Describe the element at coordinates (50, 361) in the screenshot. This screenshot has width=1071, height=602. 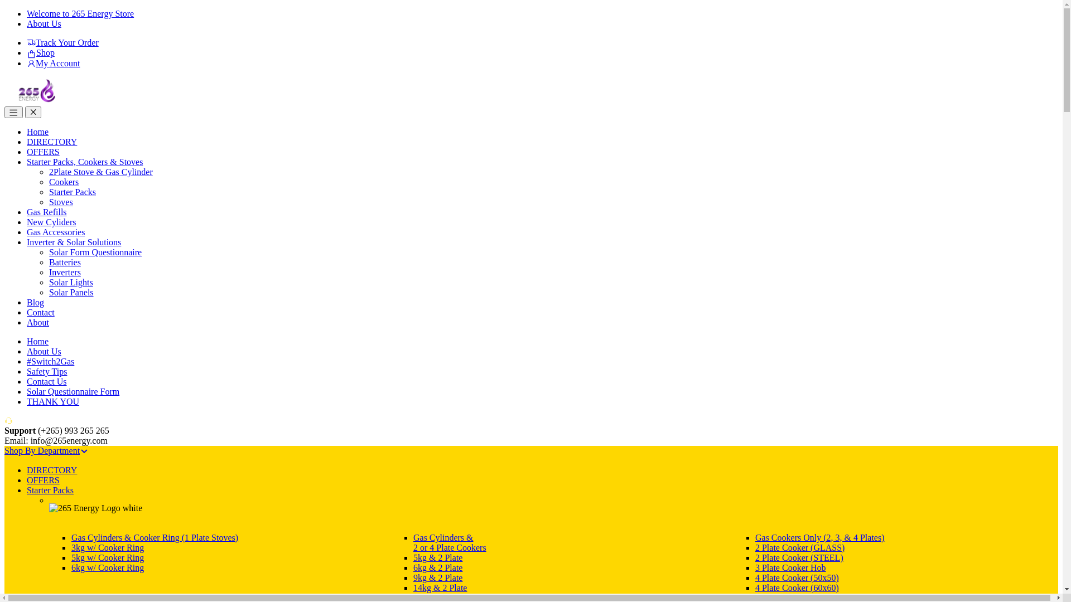
I see `'#Switch2Gas'` at that location.